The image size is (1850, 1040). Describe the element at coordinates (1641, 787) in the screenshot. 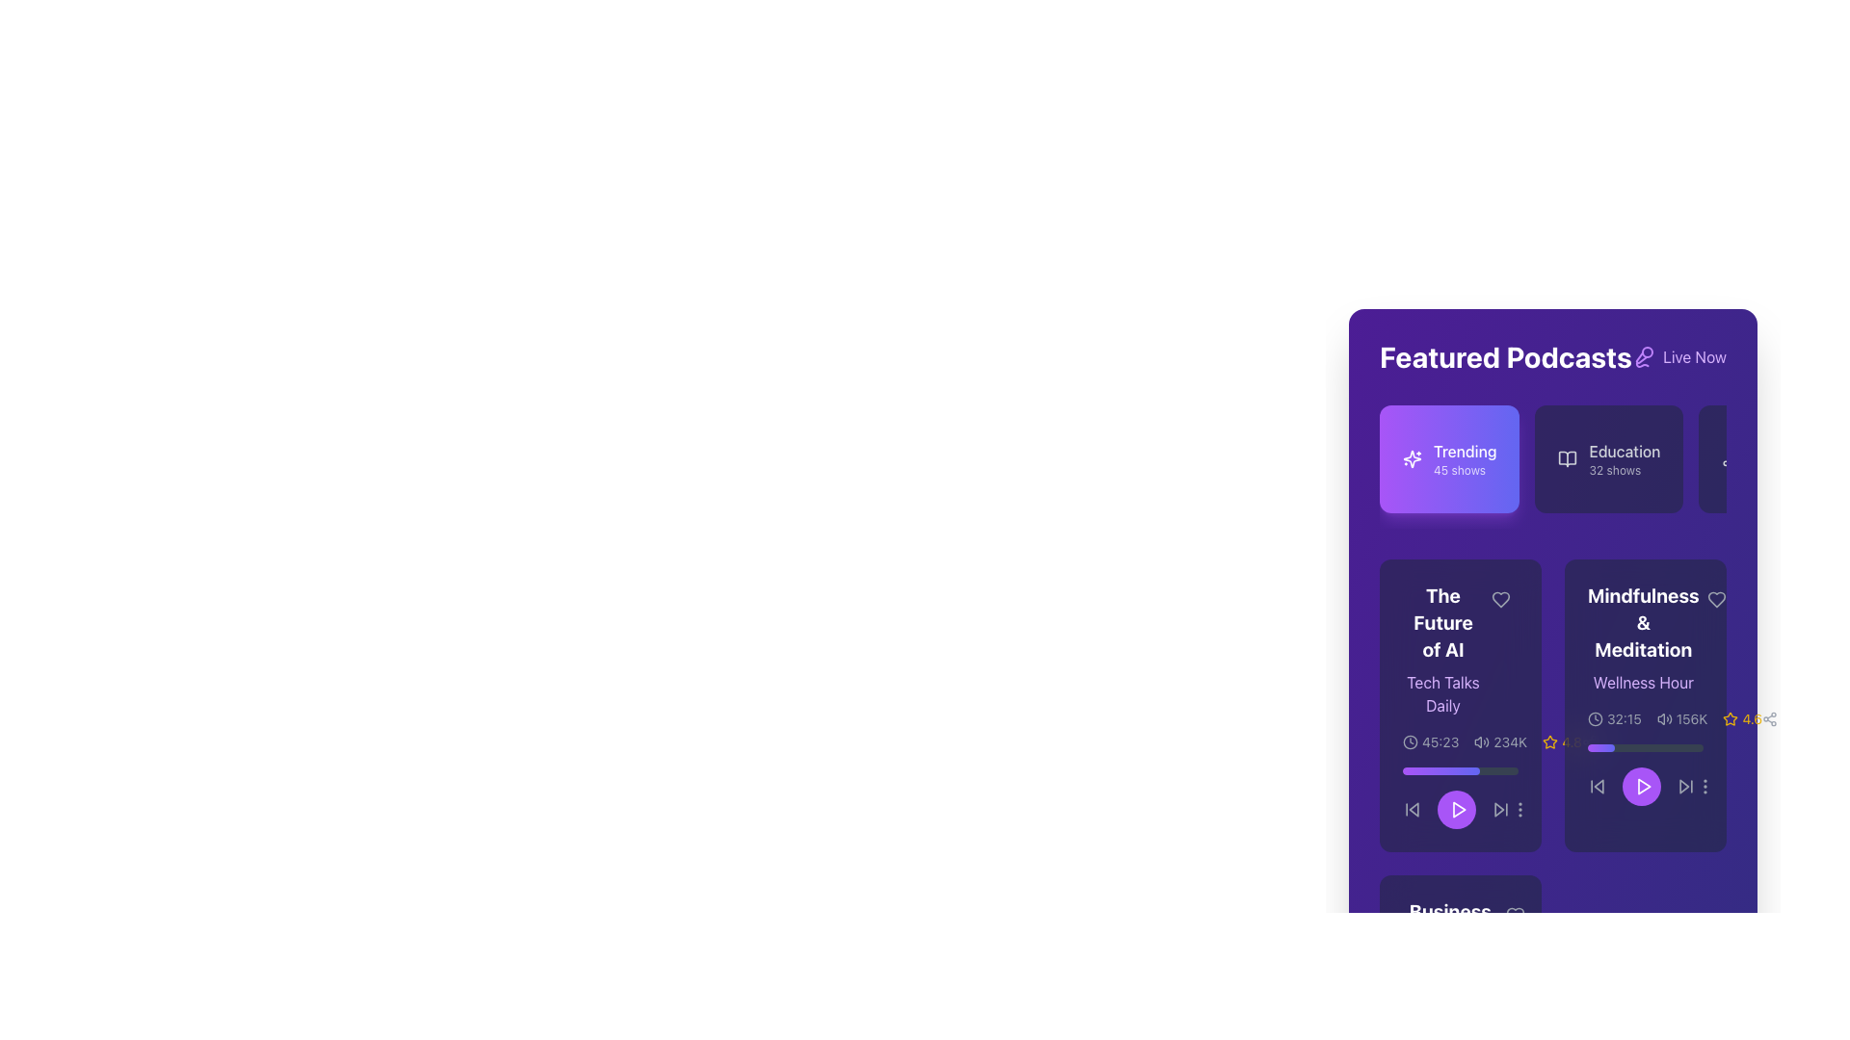

I see `the playback button located at the center of the group of three buttons in the bottom section of the 'Mindfulness & Meditation' podcast card` at that location.